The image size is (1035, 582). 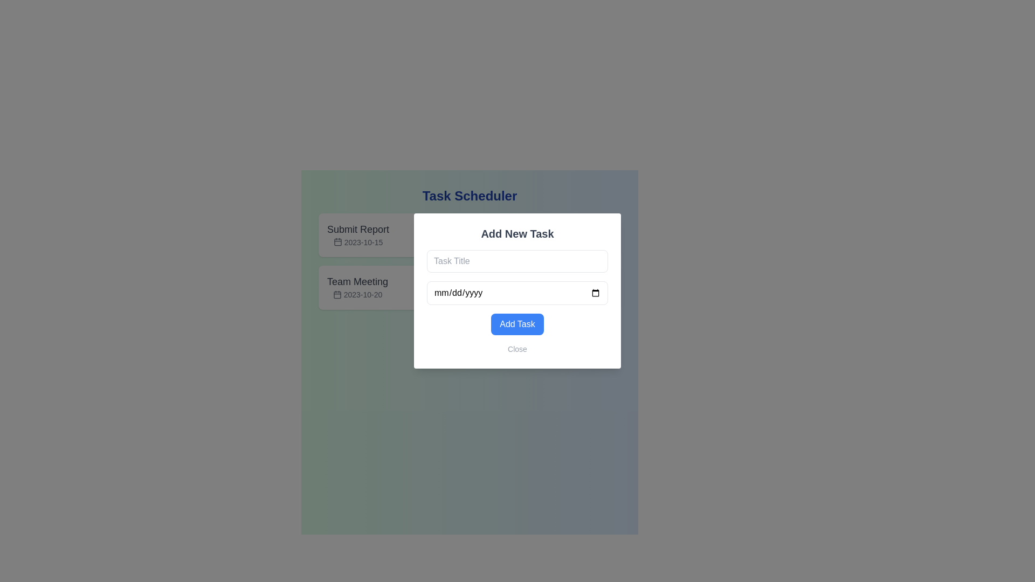 I want to click on the confirmation SVG icon located inside the green action button at the right side of the button in the 'Add New Task' pop-up modal, so click(x=597, y=287).